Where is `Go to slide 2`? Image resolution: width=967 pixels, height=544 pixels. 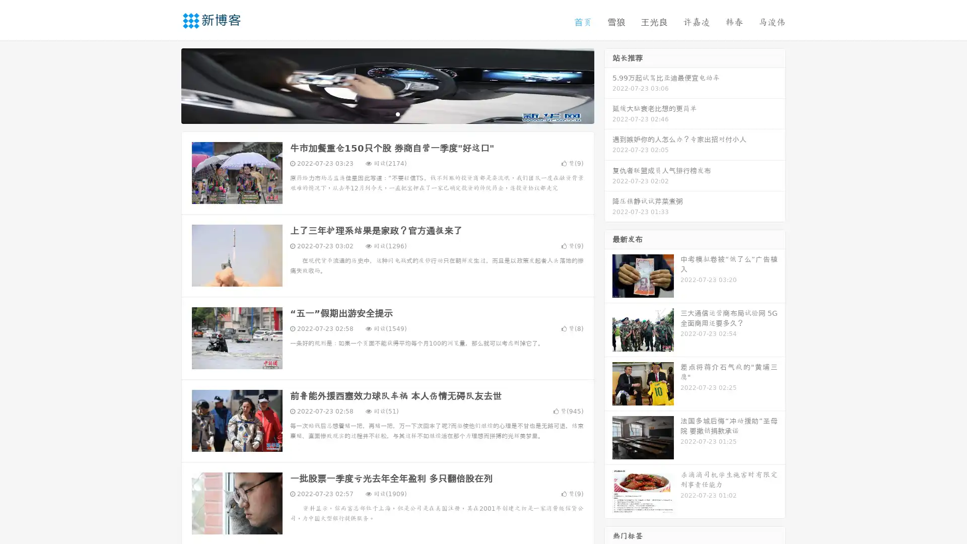 Go to slide 2 is located at coordinates (387, 113).